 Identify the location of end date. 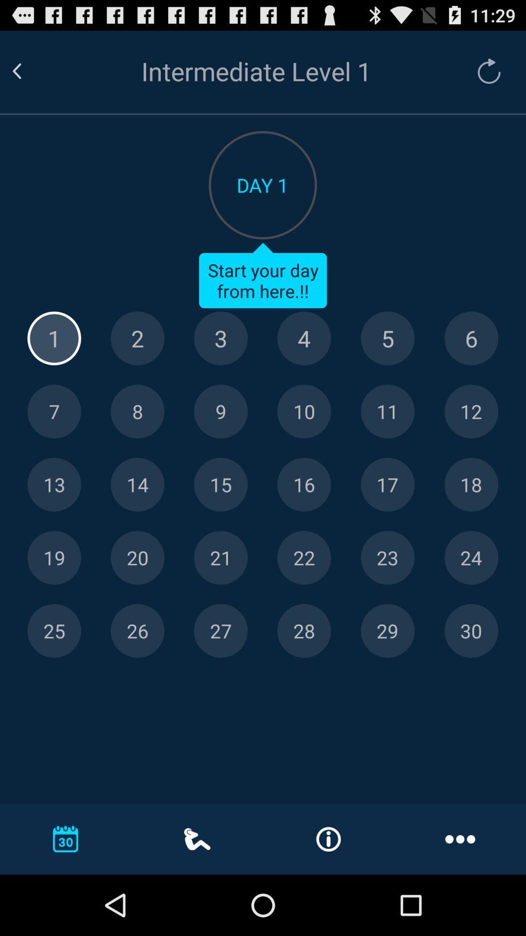
(387, 631).